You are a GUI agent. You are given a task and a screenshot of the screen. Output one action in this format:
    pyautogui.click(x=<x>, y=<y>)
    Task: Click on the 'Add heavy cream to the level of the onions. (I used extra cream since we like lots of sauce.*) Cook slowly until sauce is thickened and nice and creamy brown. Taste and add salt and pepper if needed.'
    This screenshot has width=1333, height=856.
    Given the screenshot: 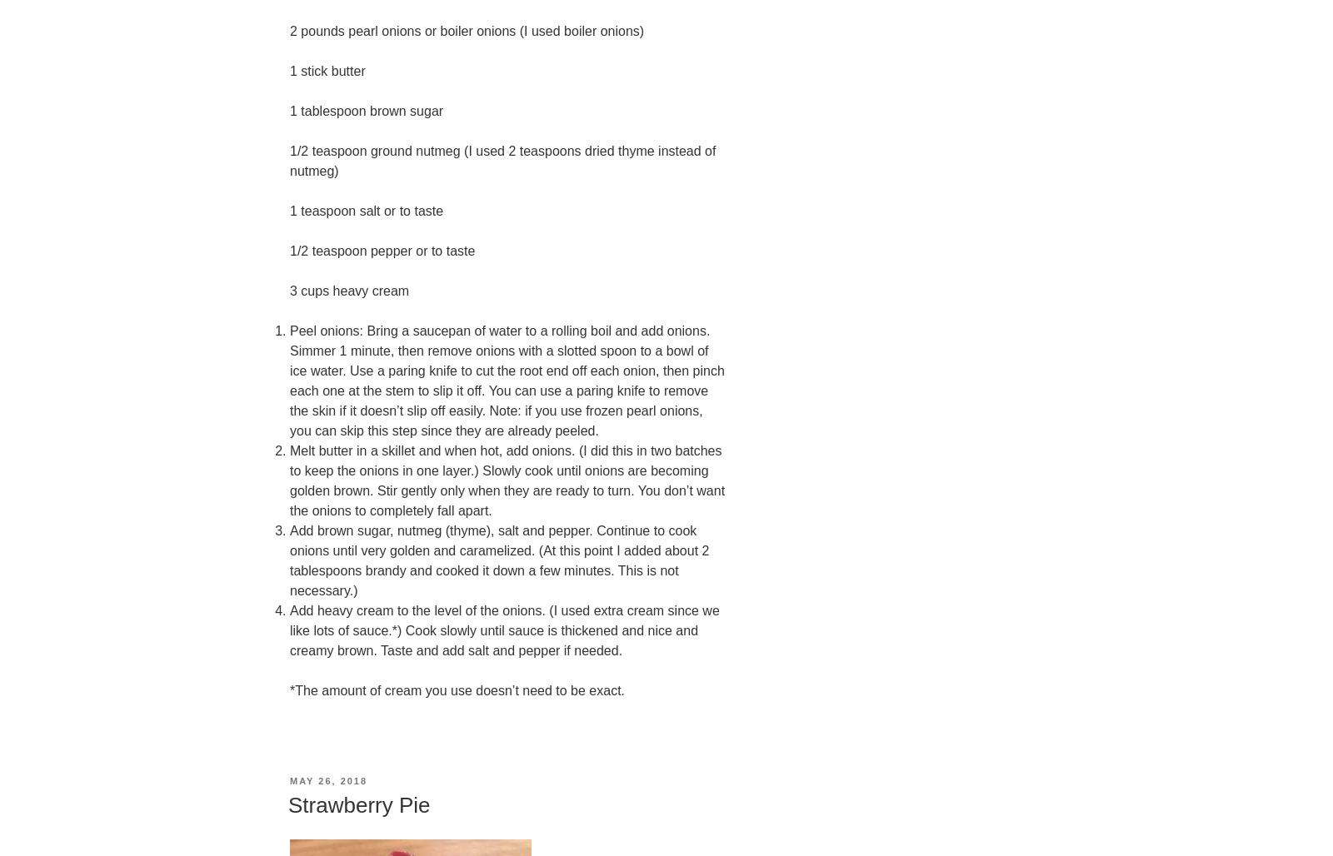 What is the action you would take?
    pyautogui.click(x=290, y=630)
    